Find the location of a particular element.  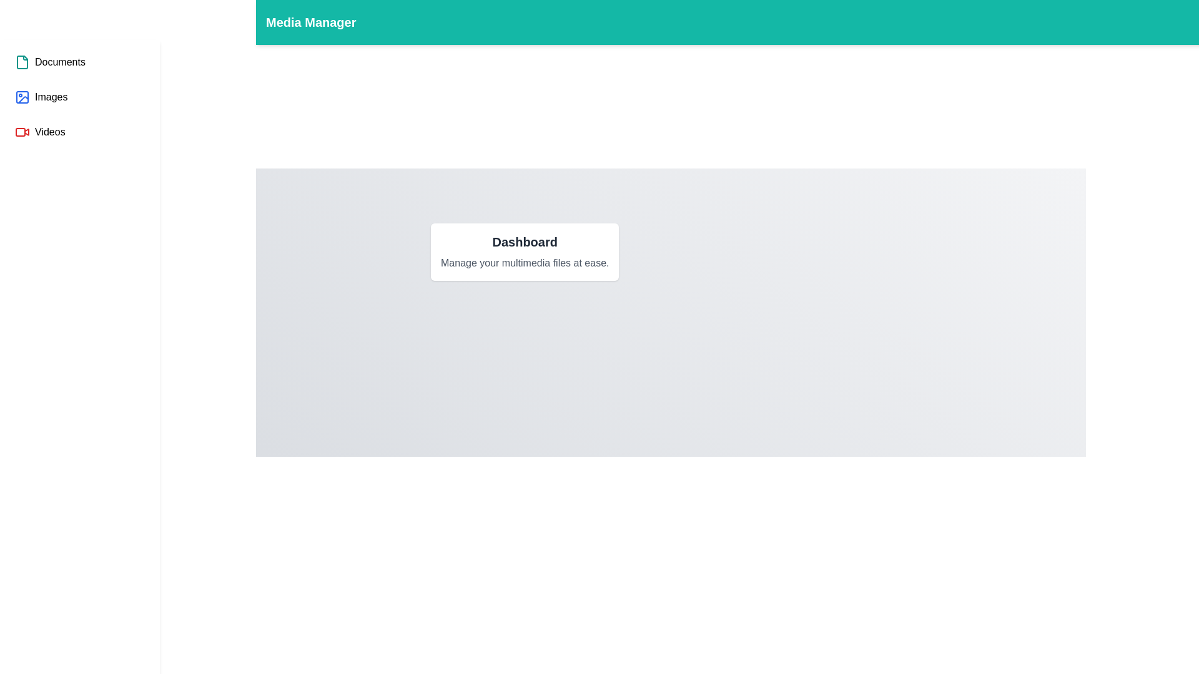

the 'Images' button, which is the second item in the vertical menu list on the left side is located at coordinates (41, 96).